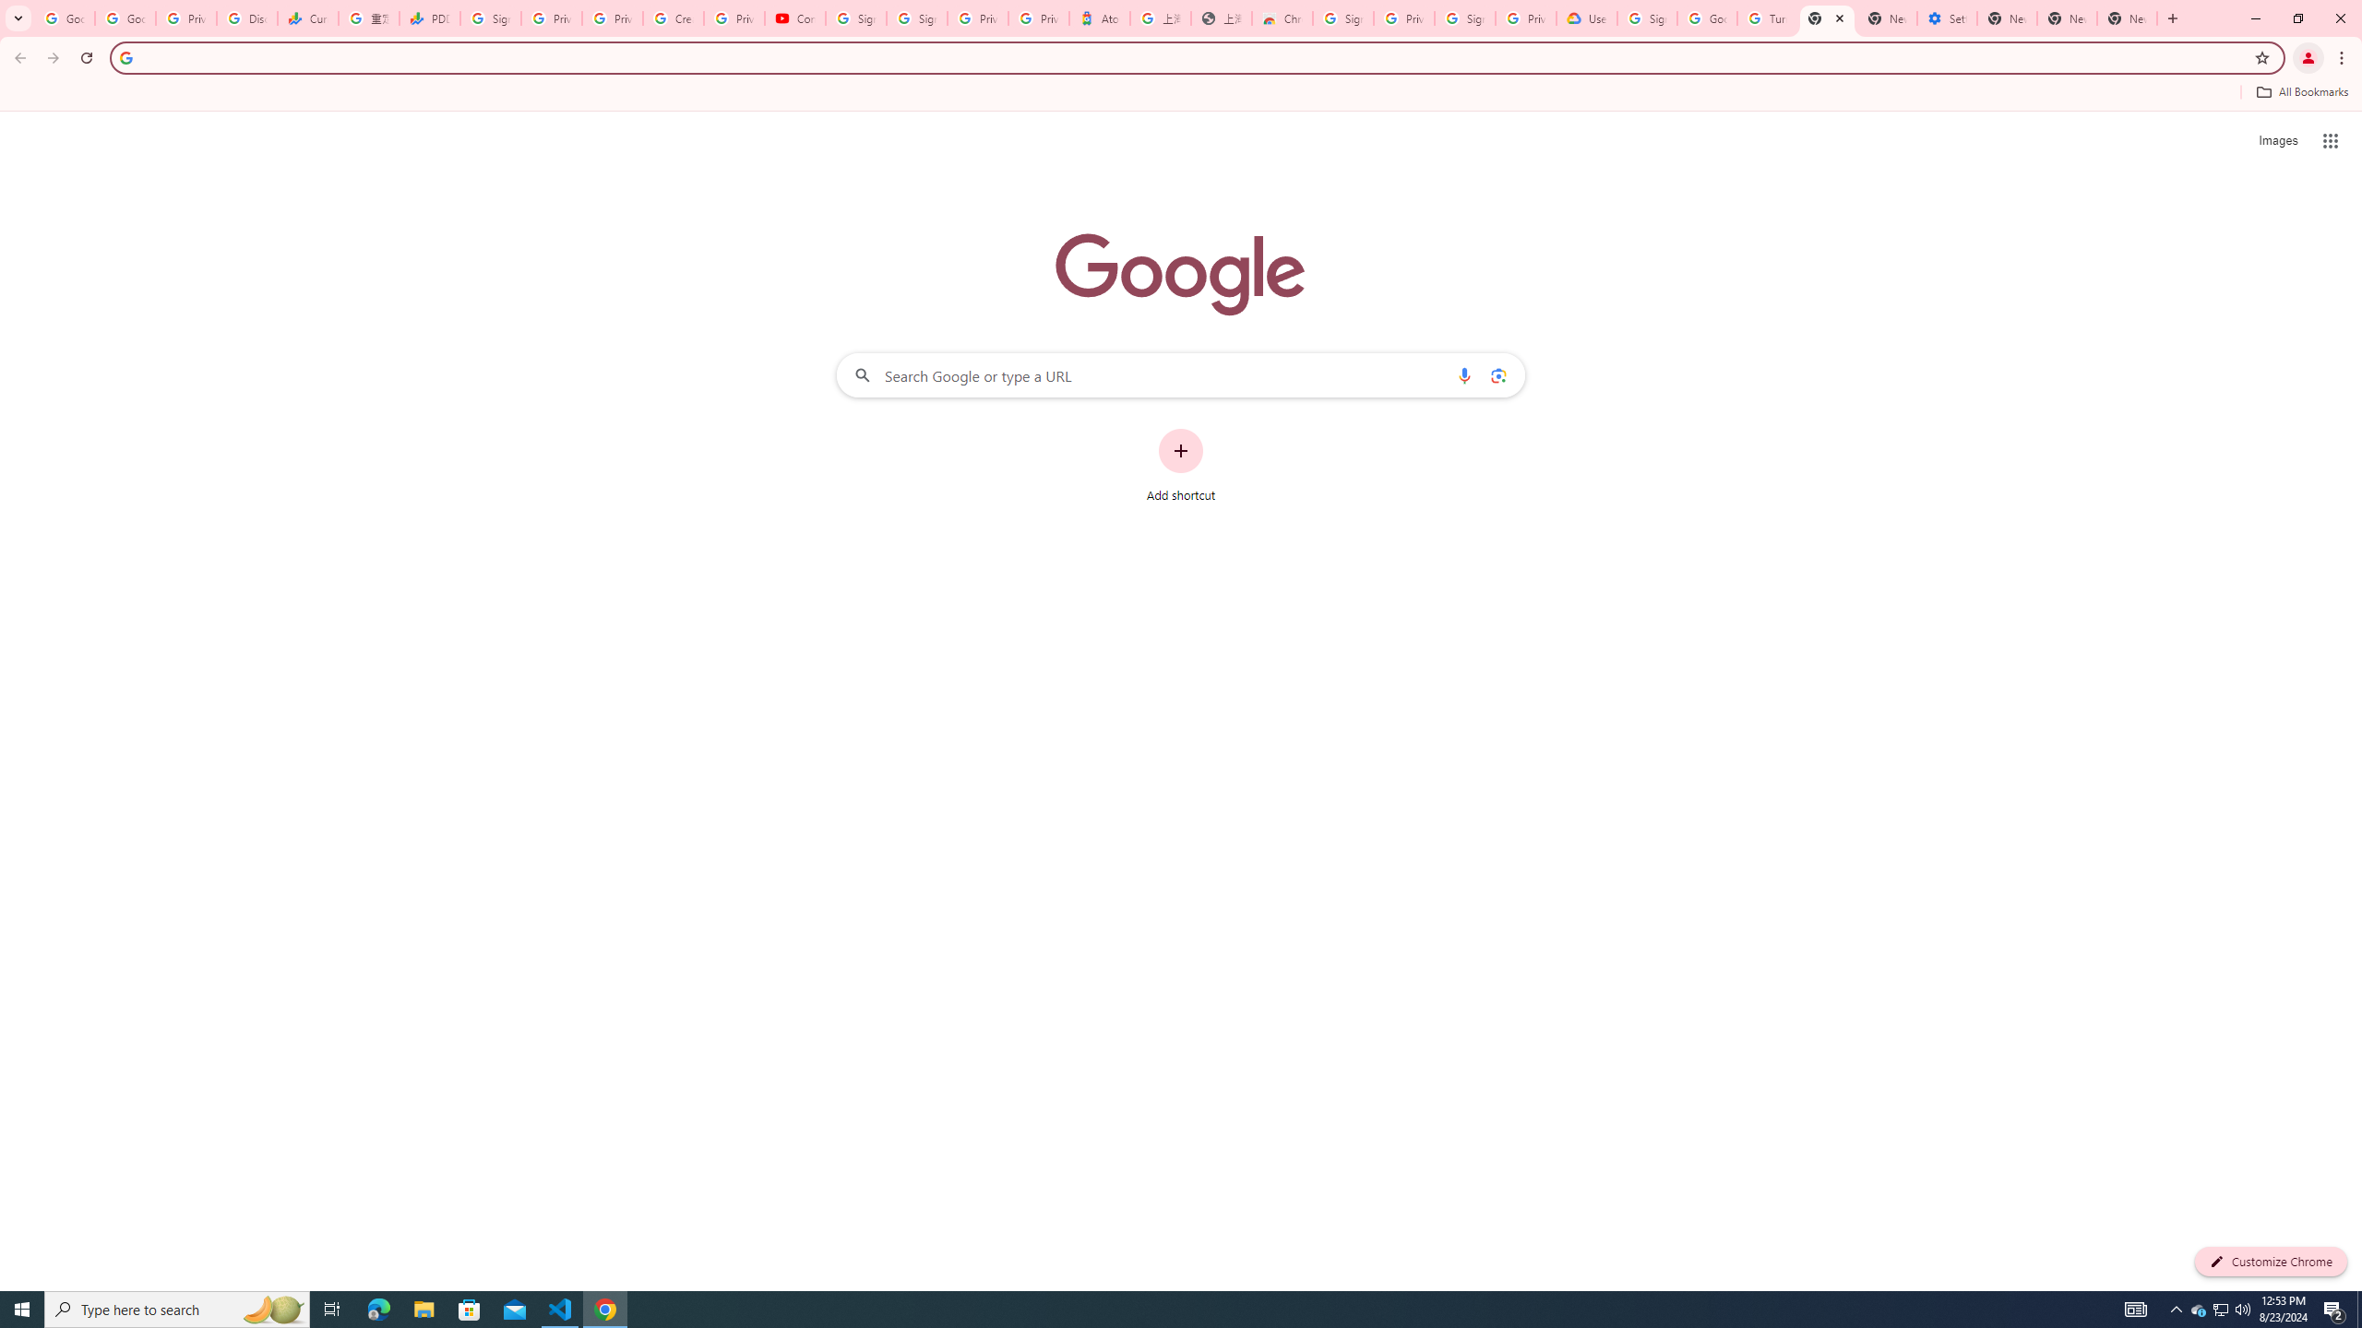 The width and height of the screenshot is (2362, 1328). Describe the element at coordinates (856, 18) in the screenshot. I see `'Sign in - Google Accounts'` at that location.